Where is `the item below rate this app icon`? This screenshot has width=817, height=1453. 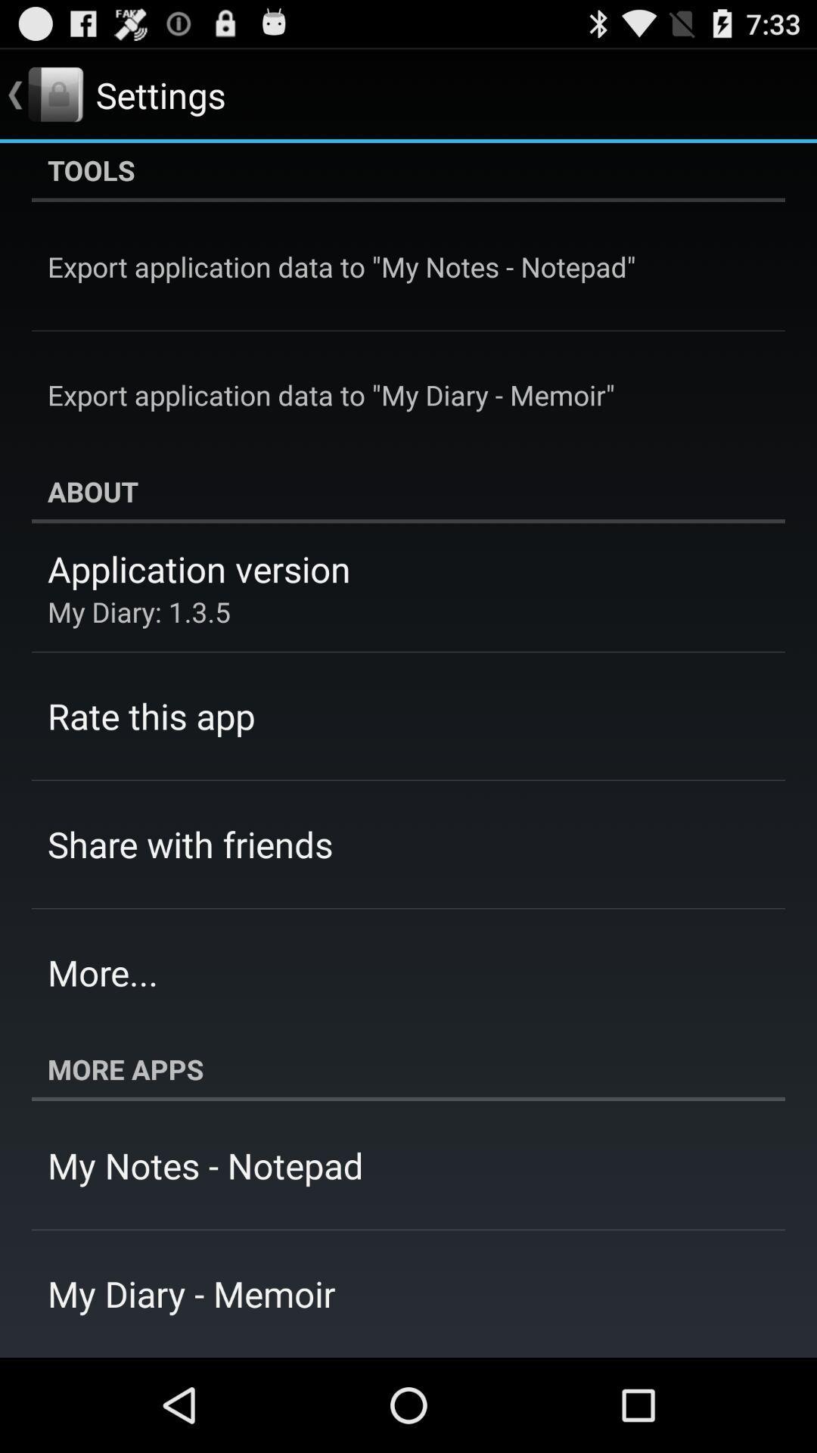 the item below rate this app icon is located at coordinates (189, 843).